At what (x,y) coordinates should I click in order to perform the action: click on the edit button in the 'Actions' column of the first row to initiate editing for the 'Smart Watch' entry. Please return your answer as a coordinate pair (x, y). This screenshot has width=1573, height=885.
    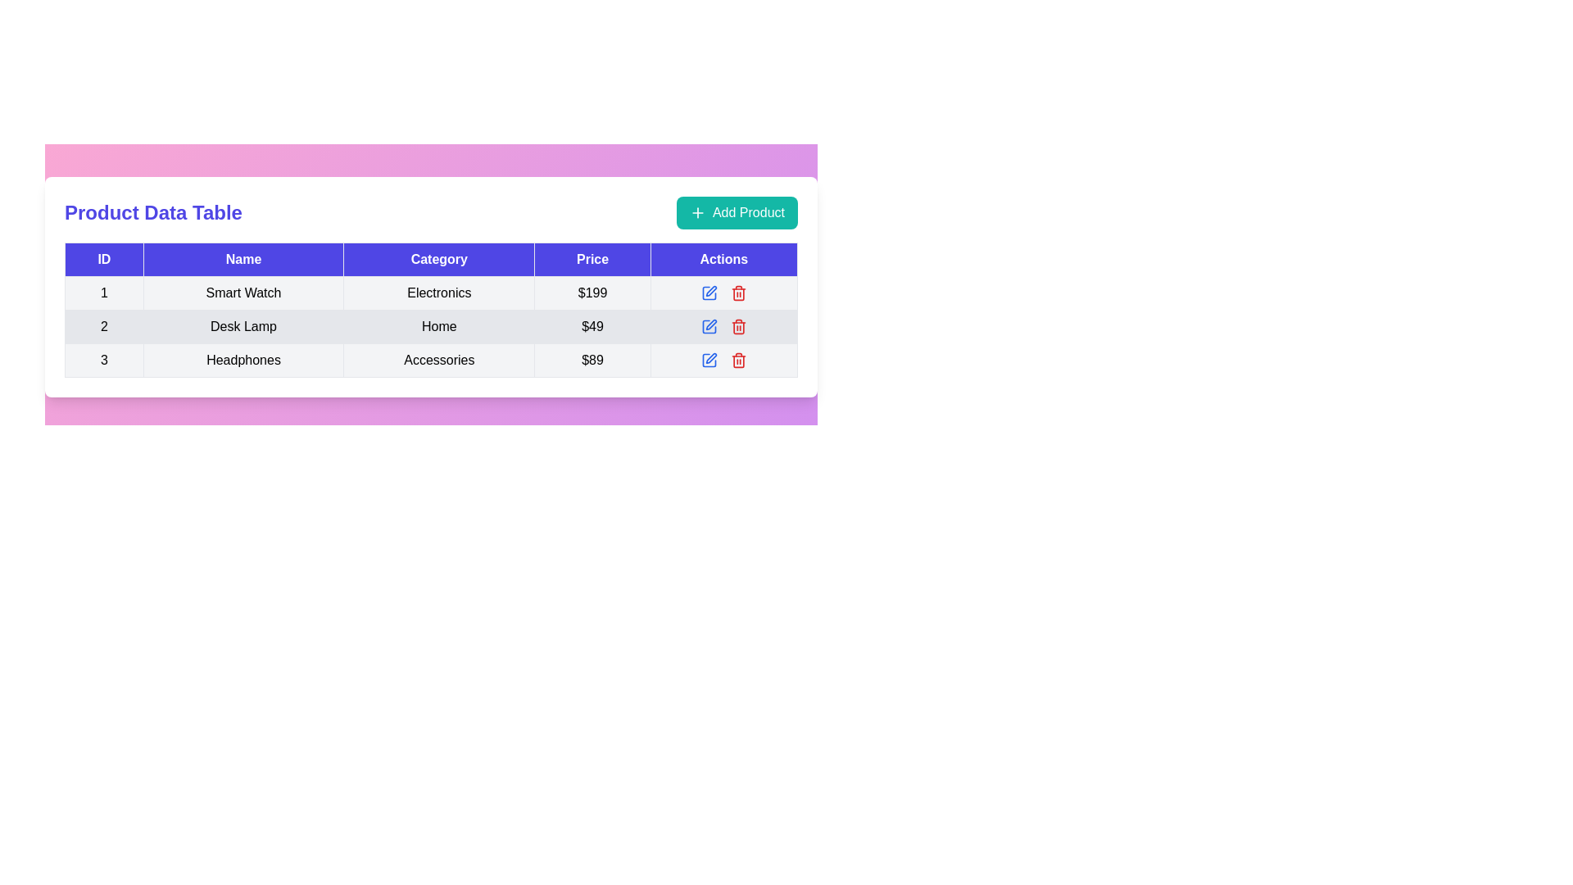
    Looking at the image, I should click on (709, 293).